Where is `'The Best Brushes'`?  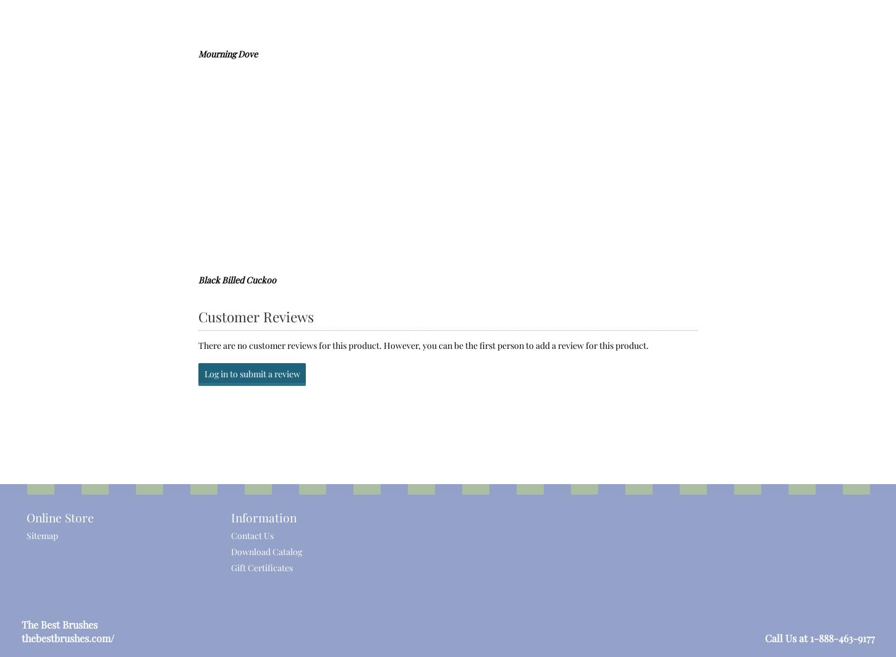 'The Best Brushes' is located at coordinates (59, 624).